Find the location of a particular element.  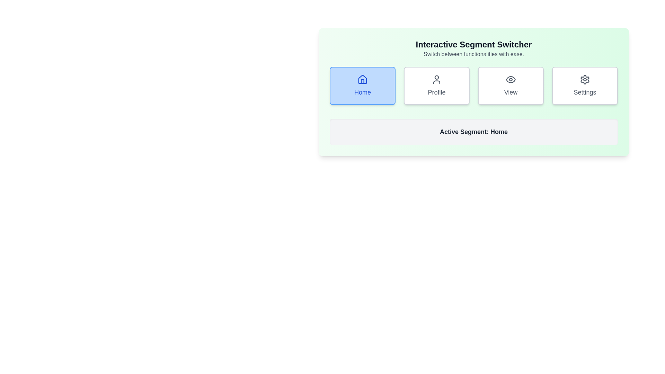

the eye icon, which is a minimalistic design located within the 'View' button, positioned third from the left among four horizontally arranged buttons is located at coordinates (511, 79).